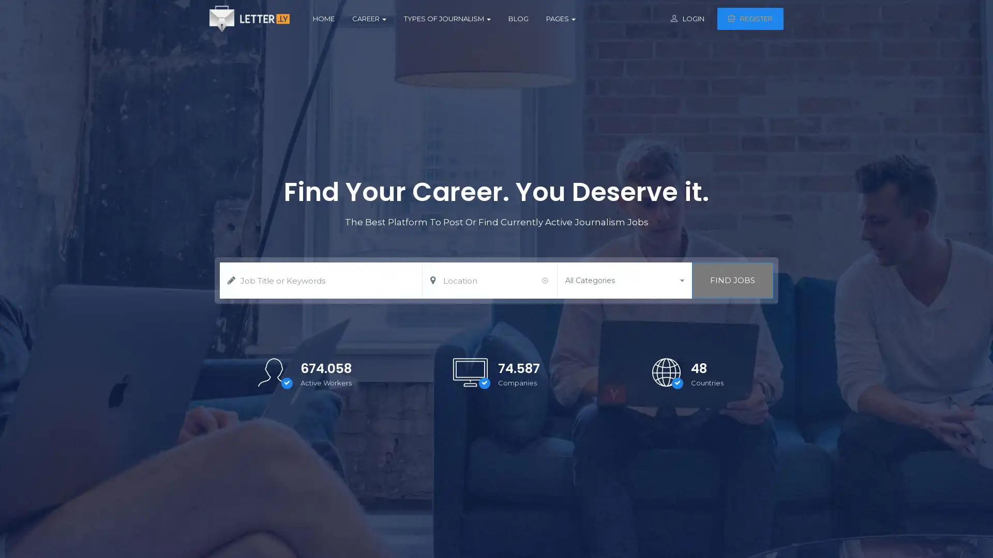 The height and width of the screenshot is (558, 993). Describe the element at coordinates (732, 281) in the screenshot. I see `FIND JOBS` at that location.